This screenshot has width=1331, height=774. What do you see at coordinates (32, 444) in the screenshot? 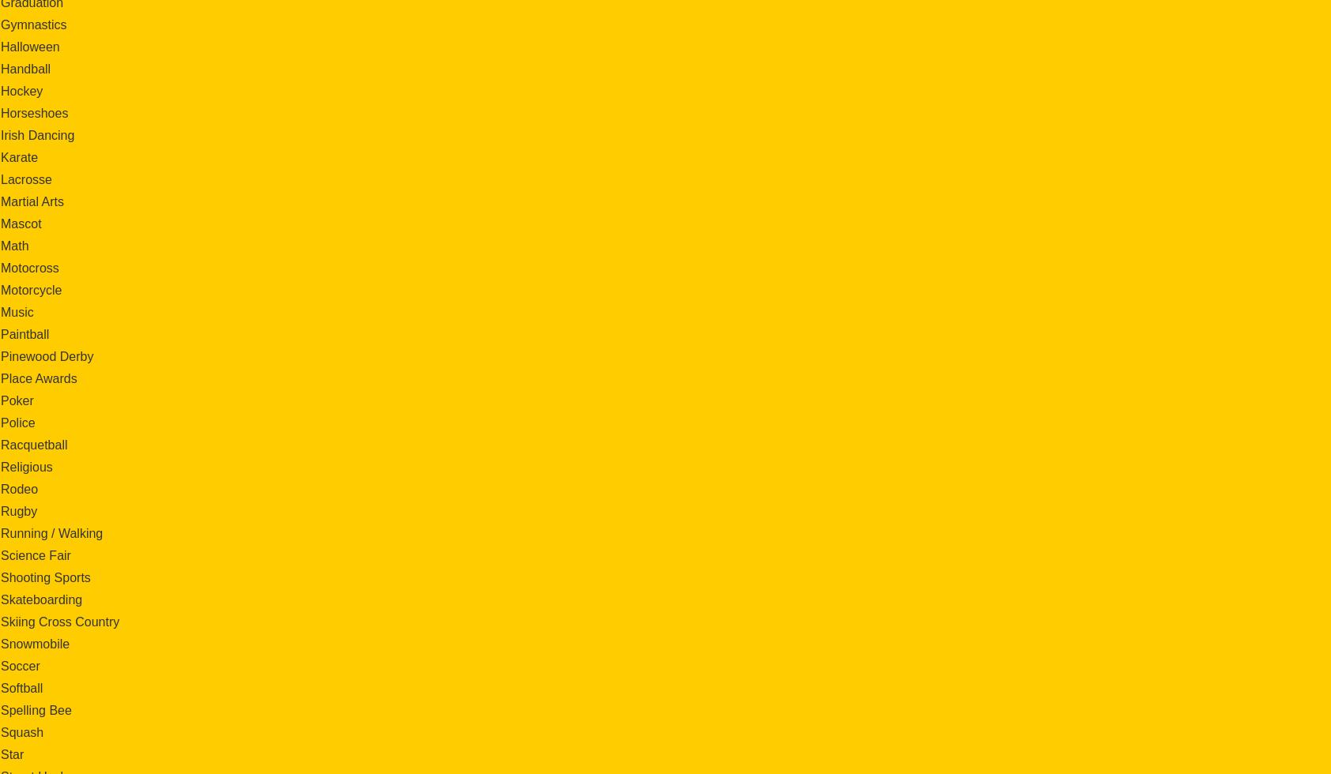
I see `'Racquetball'` at bounding box center [32, 444].